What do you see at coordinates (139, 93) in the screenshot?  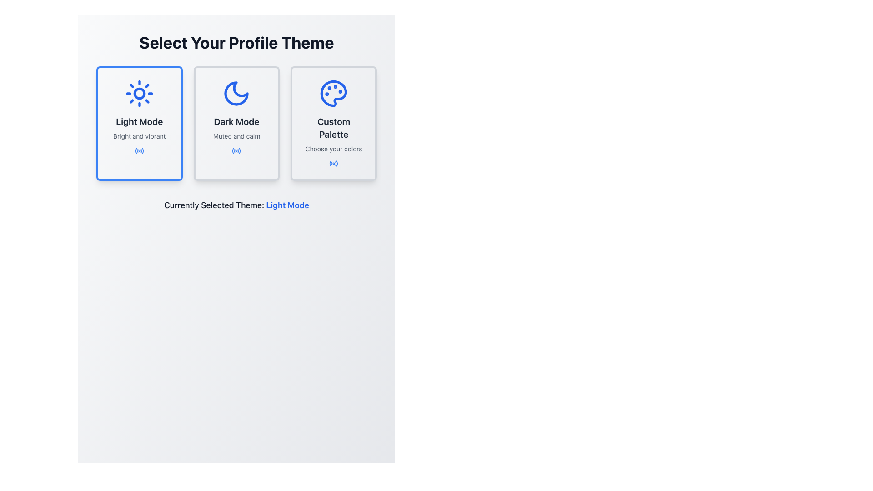 I see `the inner circle of the sun-like icon representing 'Light Mode' on the profile theme selection page` at bounding box center [139, 93].